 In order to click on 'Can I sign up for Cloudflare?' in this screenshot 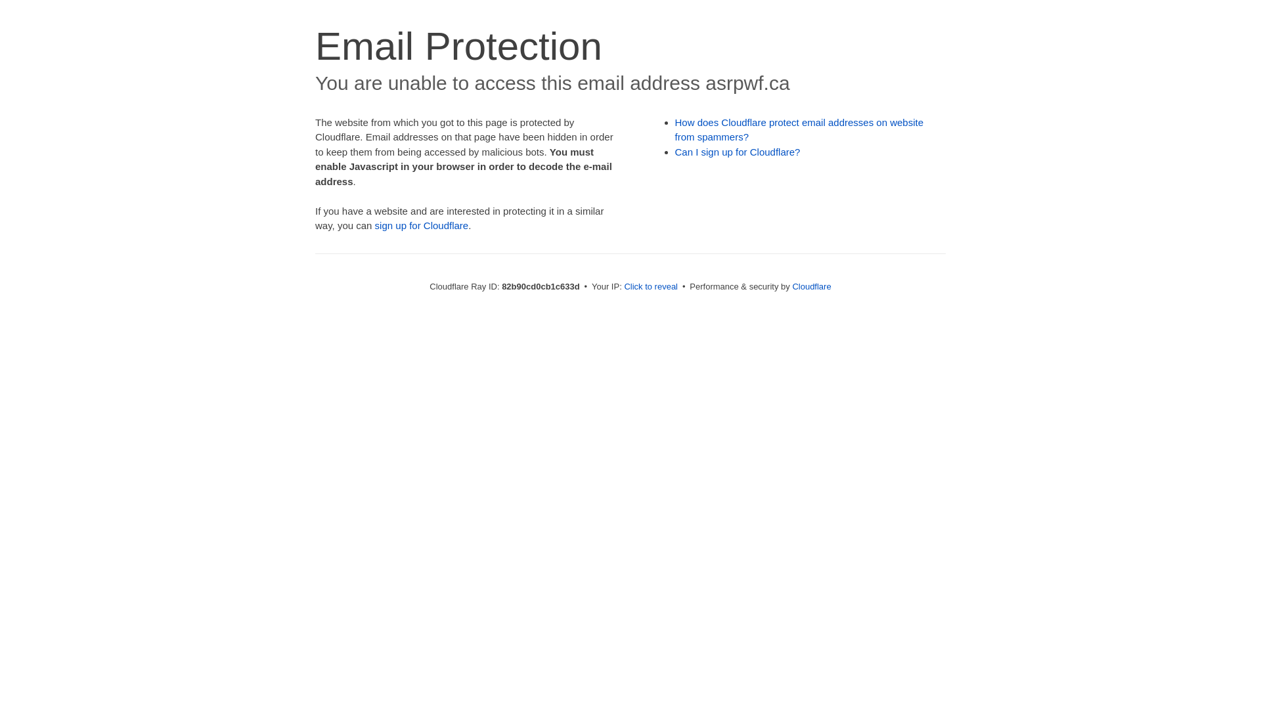, I will do `click(738, 151)`.